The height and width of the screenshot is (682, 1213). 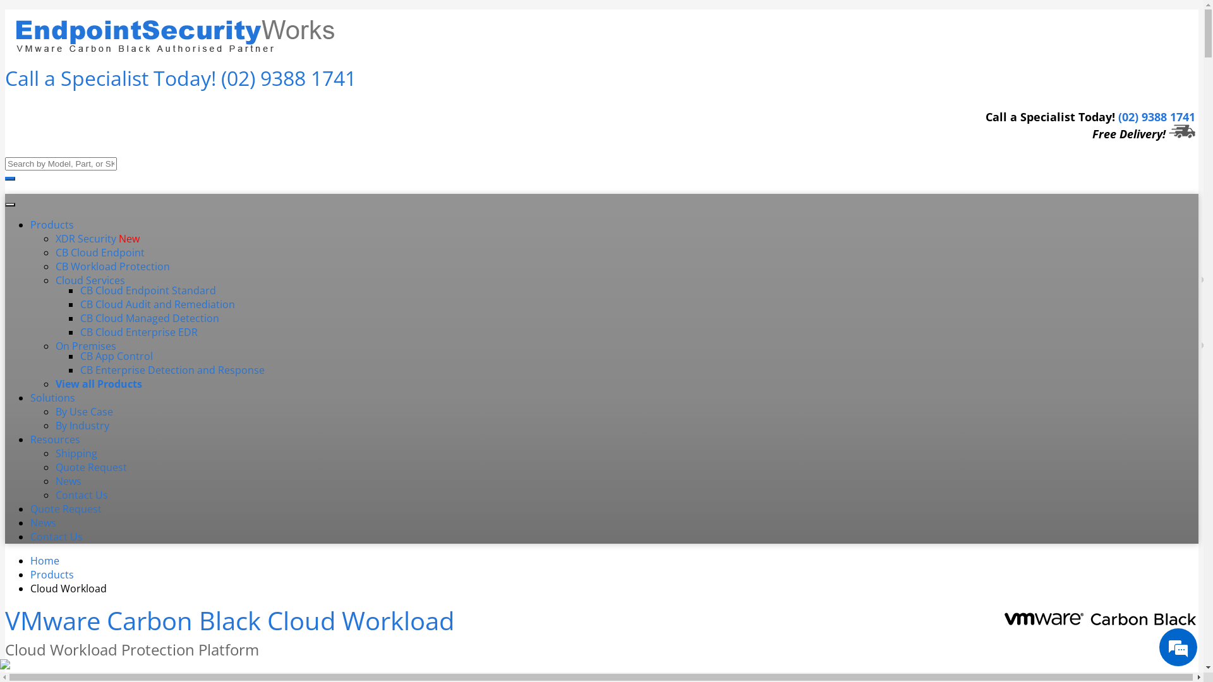 I want to click on 'CB Cloud Audit and Remediation', so click(x=157, y=304).